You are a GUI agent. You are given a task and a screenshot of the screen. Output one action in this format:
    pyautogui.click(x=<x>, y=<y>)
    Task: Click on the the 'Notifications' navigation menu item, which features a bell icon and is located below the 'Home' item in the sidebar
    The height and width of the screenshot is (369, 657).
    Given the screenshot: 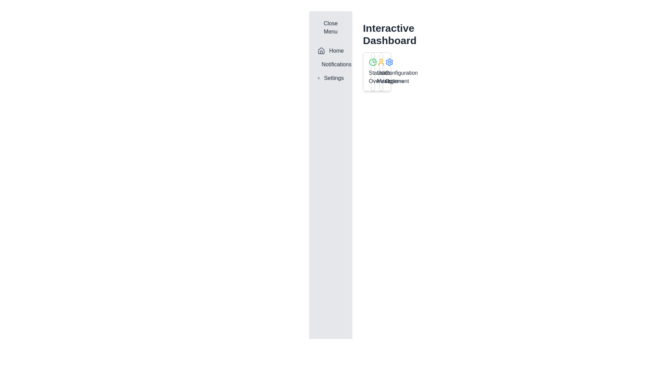 What is the action you would take?
    pyautogui.click(x=331, y=65)
    